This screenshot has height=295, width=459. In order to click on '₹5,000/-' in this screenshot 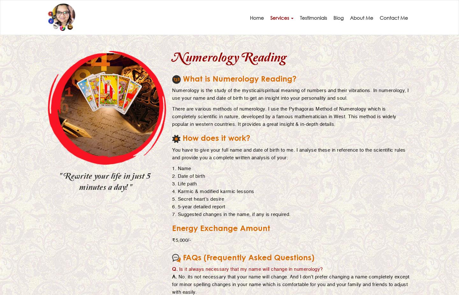, I will do `click(181, 240)`.